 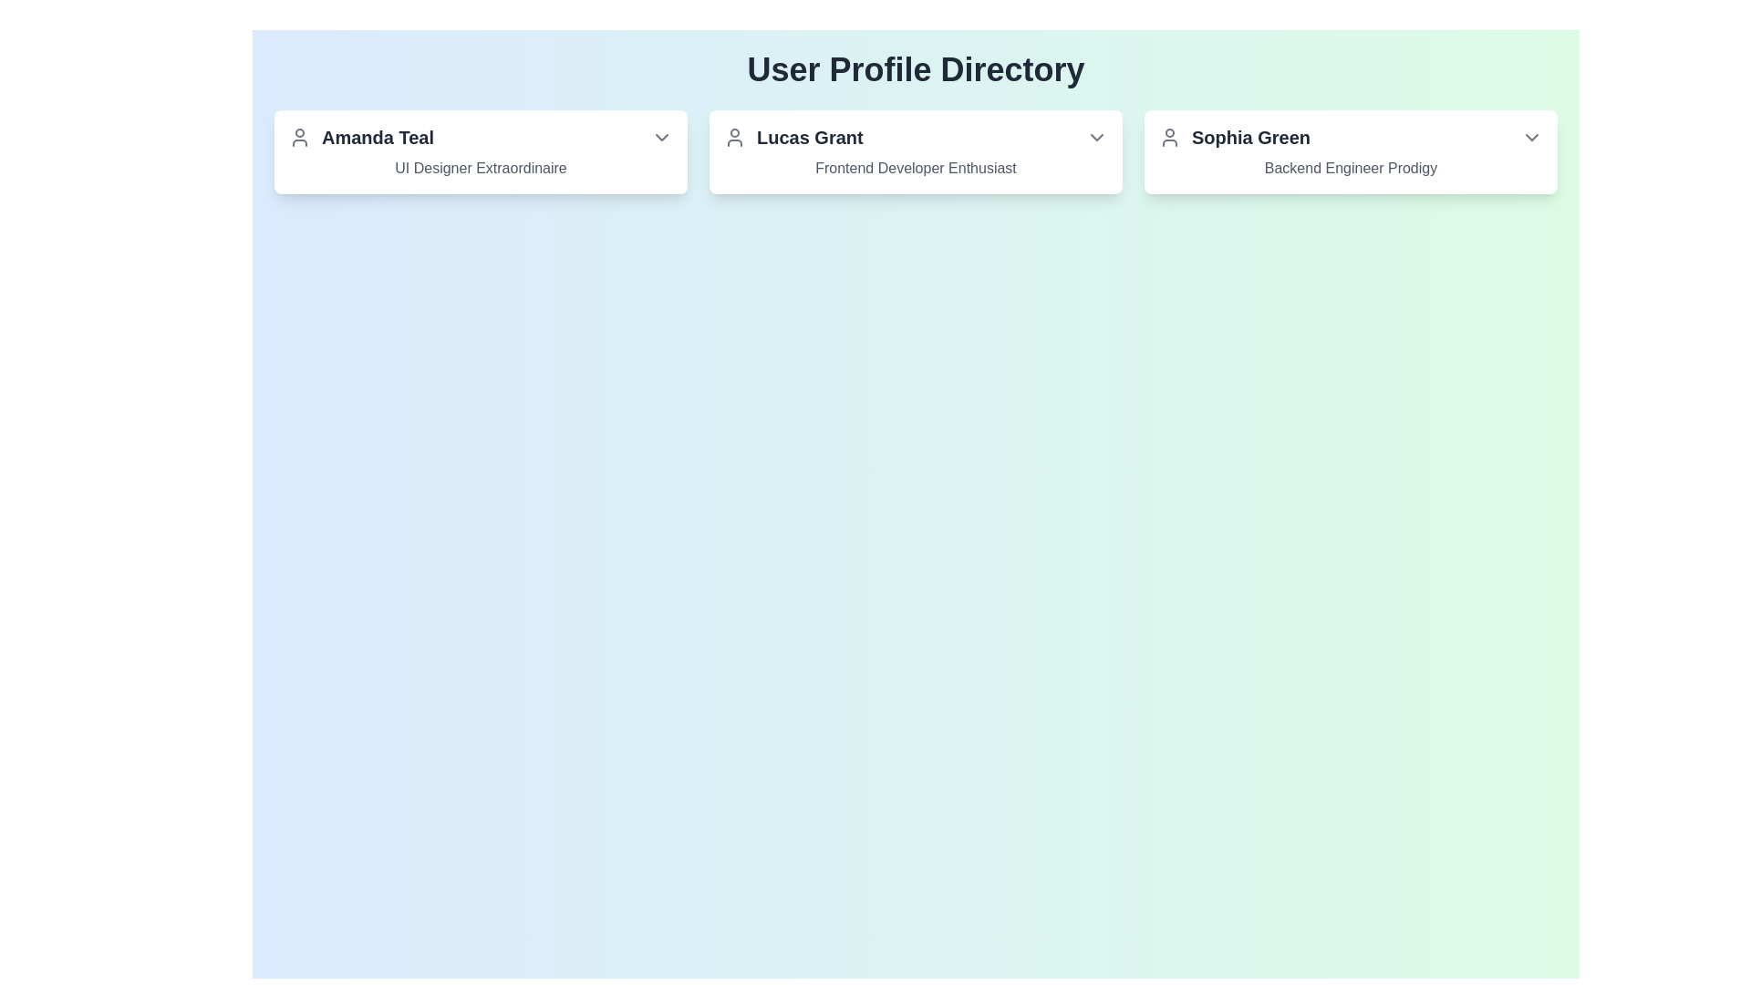 I want to click on the profile name text element located in the third card of the 'User Profile Directory' section, so click(x=1234, y=136).